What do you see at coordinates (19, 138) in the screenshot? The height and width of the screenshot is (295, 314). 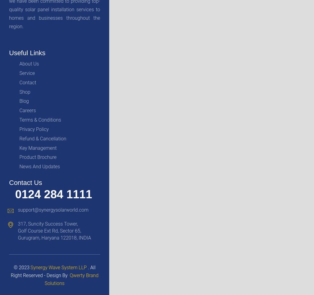 I see `'Refund & Cancellation'` at bounding box center [19, 138].